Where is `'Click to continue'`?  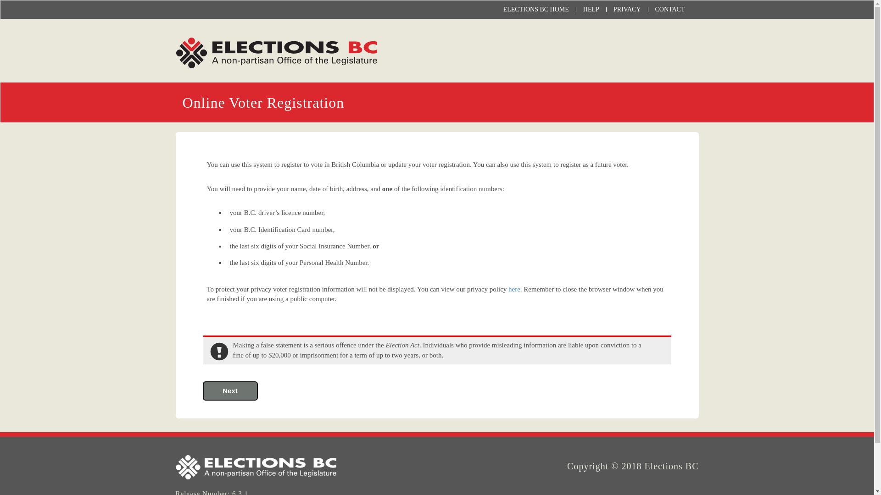
'Click to continue' is located at coordinates (229, 390).